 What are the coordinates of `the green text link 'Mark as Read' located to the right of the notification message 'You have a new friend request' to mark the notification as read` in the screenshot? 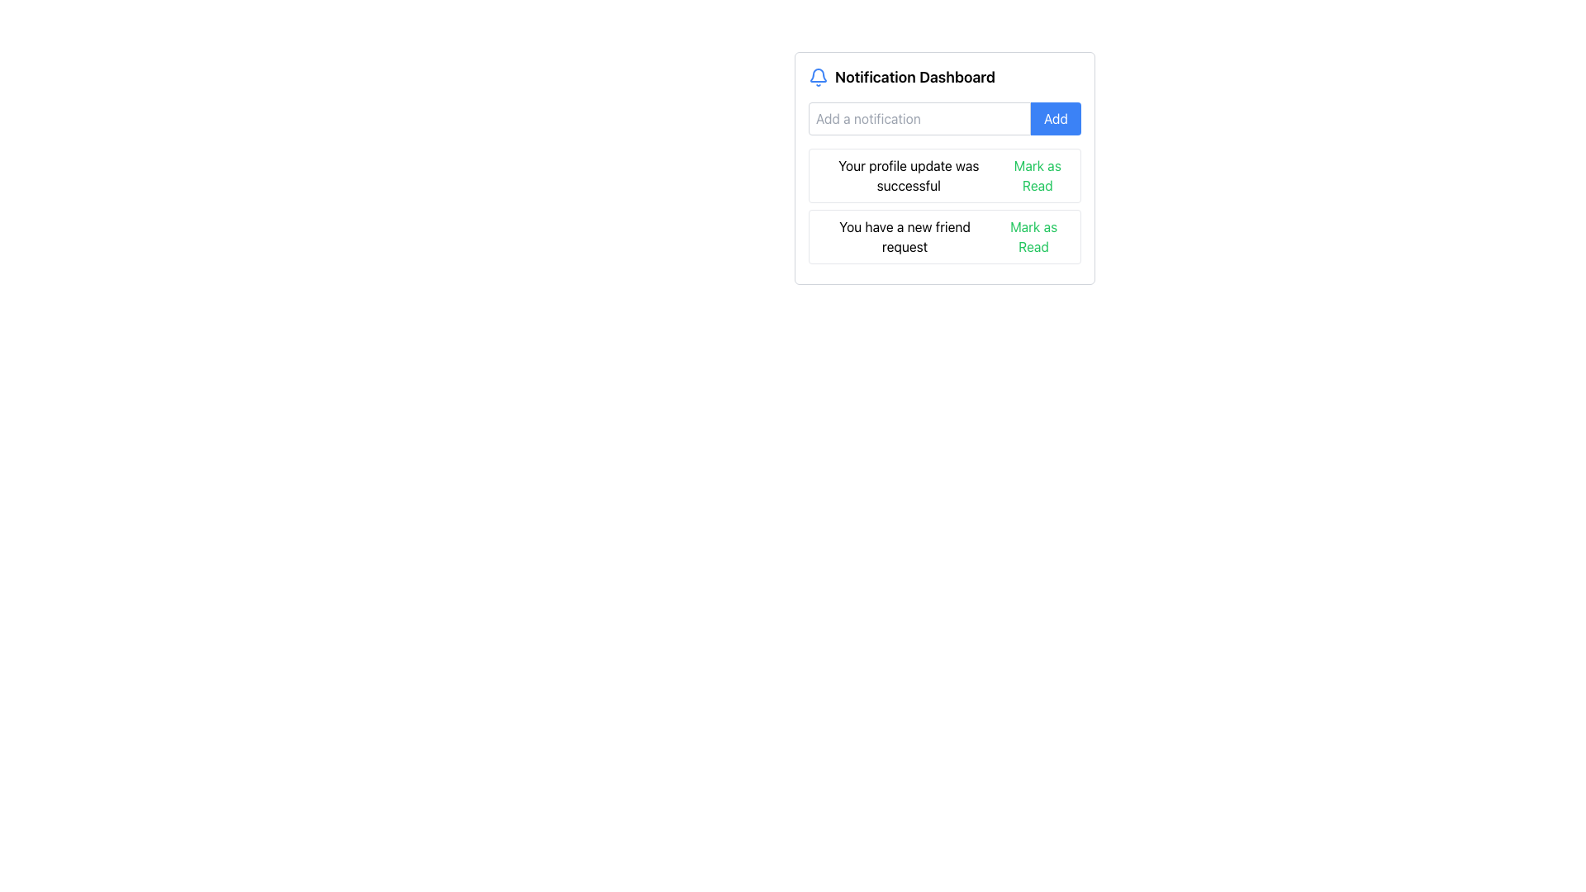 It's located at (1033, 236).